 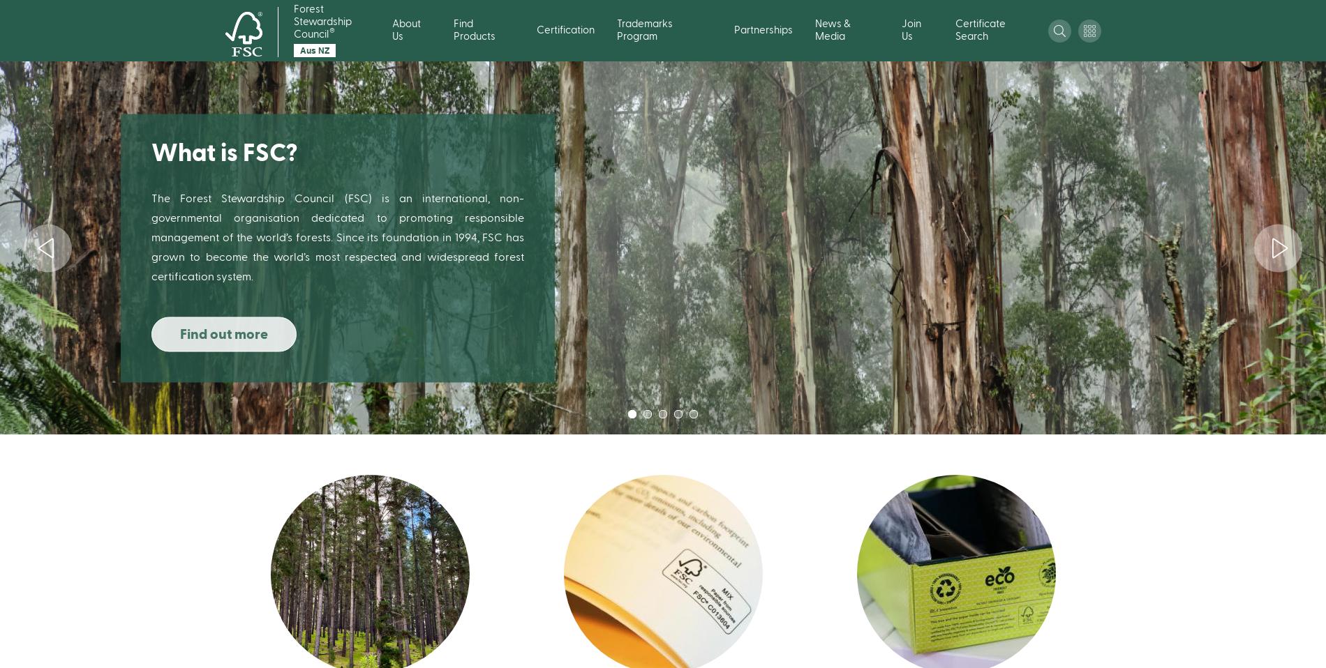 What do you see at coordinates (895, 234) in the screenshot?
I see `'Trademark Portal'` at bounding box center [895, 234].